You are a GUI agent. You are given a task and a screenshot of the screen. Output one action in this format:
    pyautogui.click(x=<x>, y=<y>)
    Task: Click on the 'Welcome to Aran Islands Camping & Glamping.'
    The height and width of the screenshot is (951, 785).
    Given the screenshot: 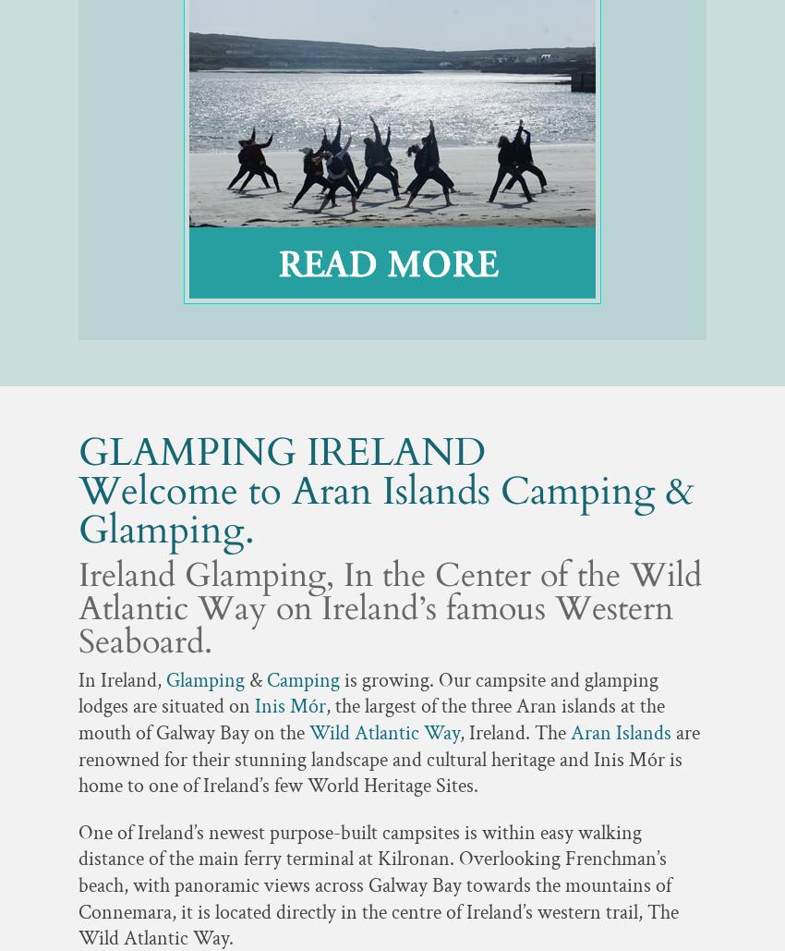 What is the action you would take?
    pyautogui.click(x=78, y=508)
    